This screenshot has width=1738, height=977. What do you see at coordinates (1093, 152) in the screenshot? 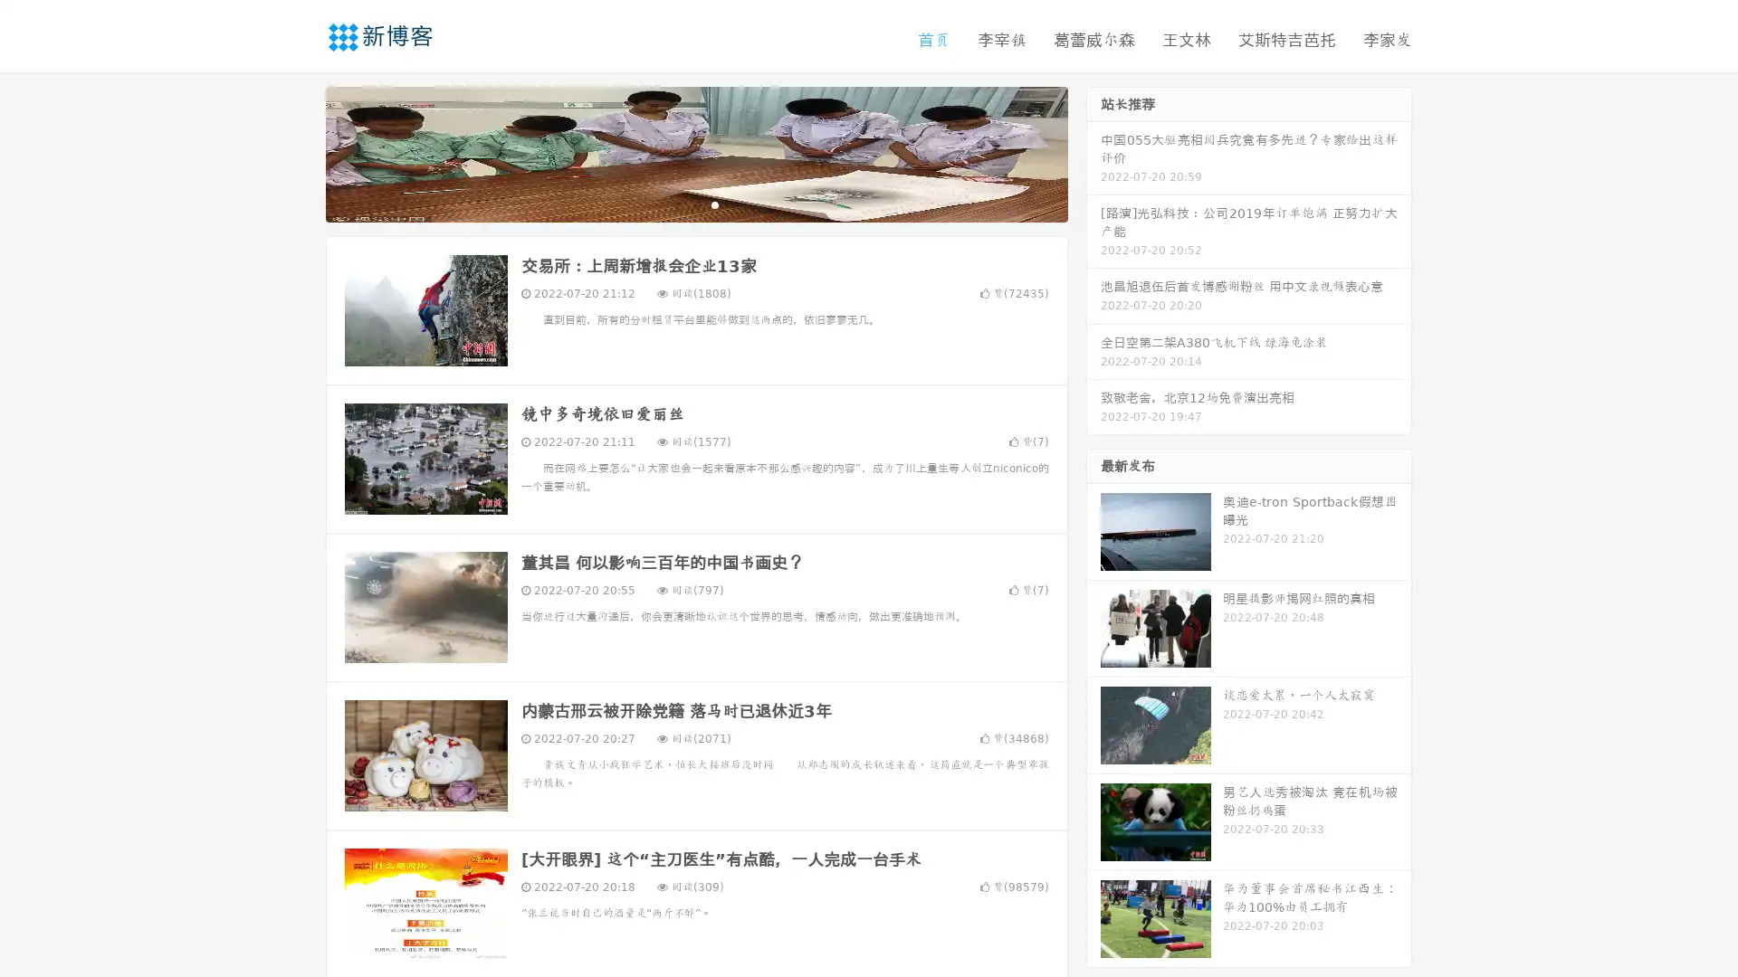
I see `Next slide` at bounding box center [1093, 152].